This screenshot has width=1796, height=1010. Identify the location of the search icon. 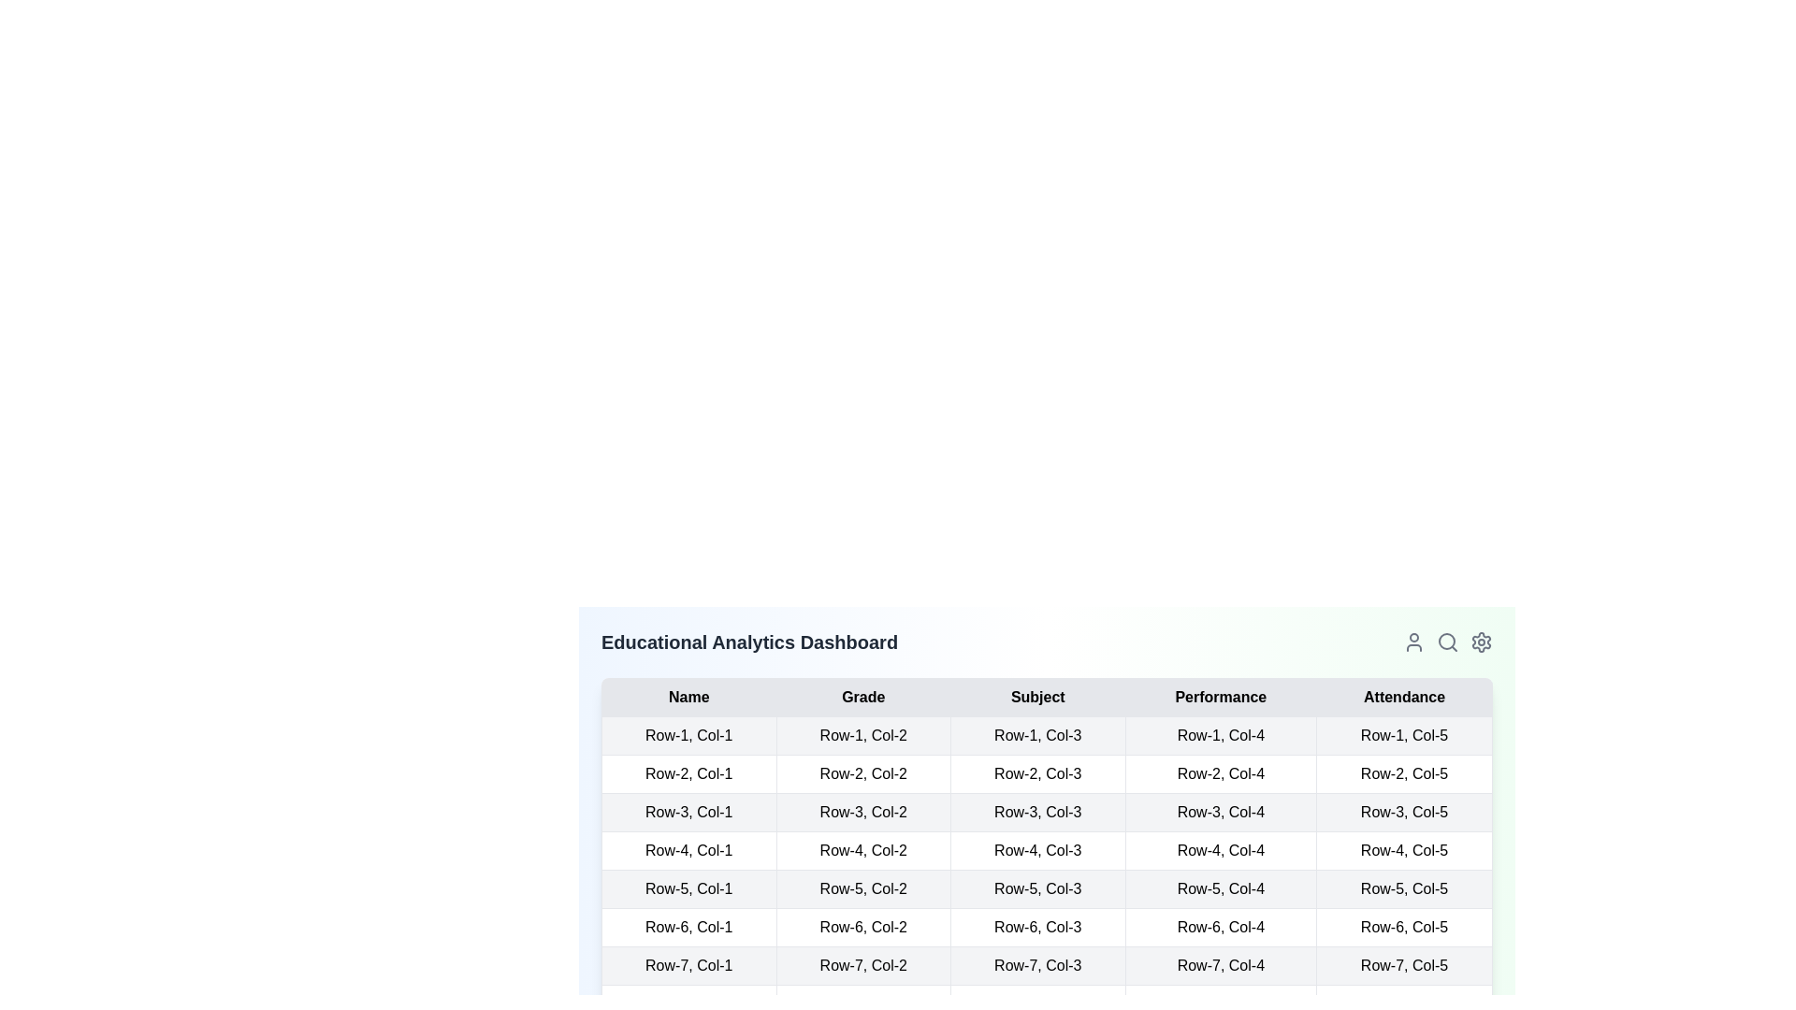
(1447, 641).